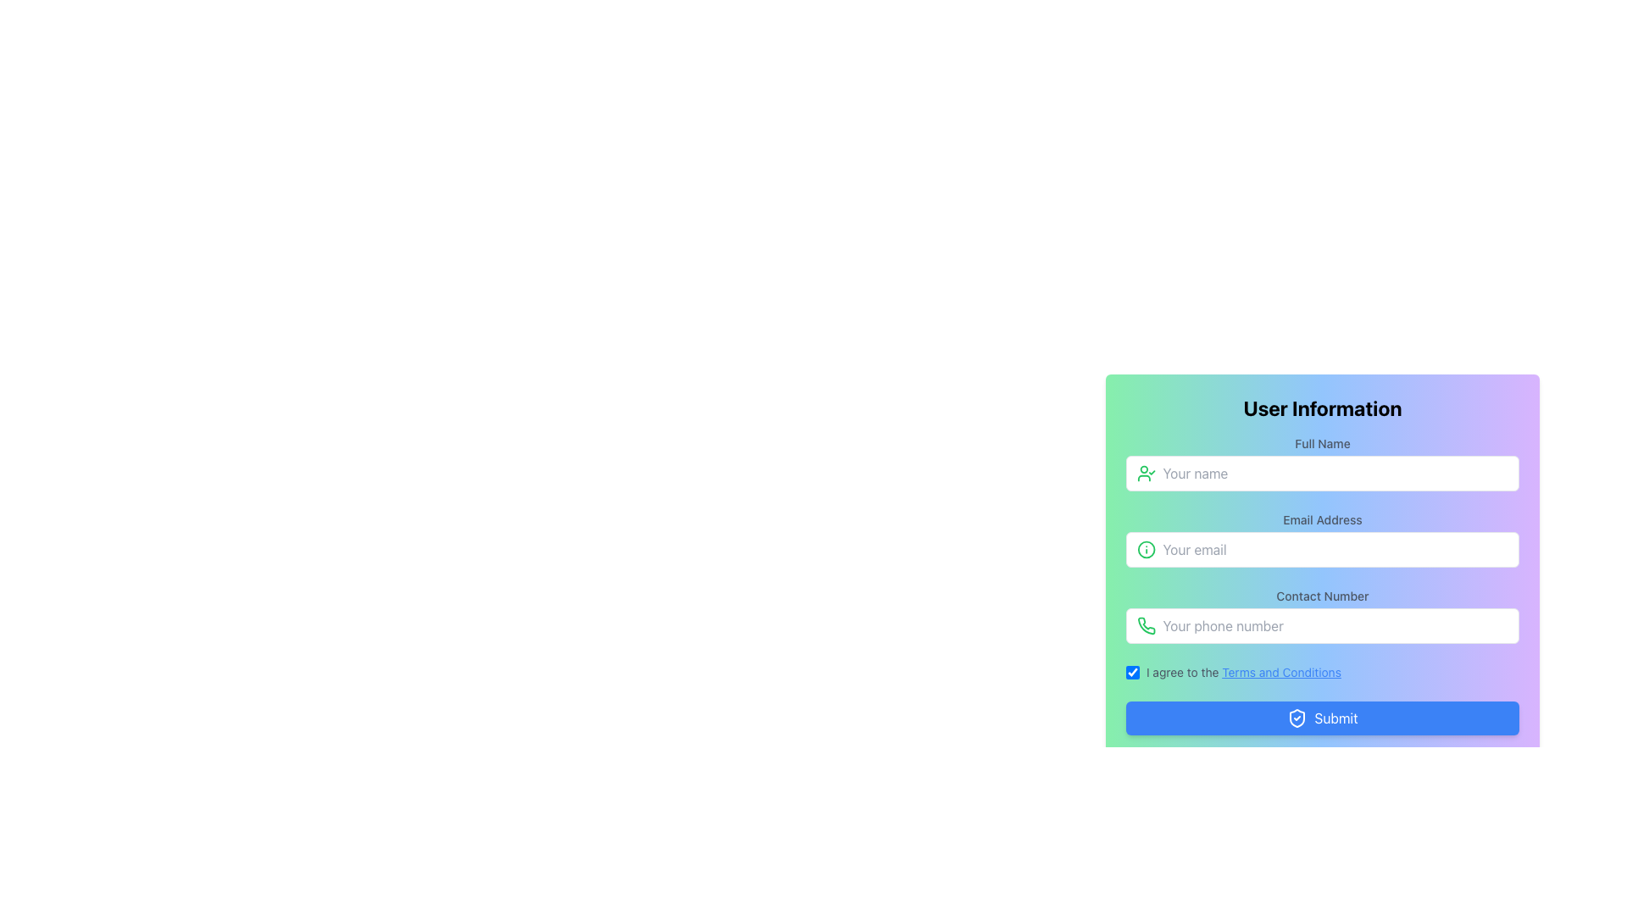 The height and width of the screenshot is (915, 1627). What do you see at coordinates (1244, 672) in the screenshot?
I see `the hyperlink 'Terms and Conditions' which is part of the text block stating 'I agree to the Terms and Conditions'. This hyperlink is underlined and in blue, located to the right of a checkbox and just above the 'Submit' button` at bounding box center [1244, 672].